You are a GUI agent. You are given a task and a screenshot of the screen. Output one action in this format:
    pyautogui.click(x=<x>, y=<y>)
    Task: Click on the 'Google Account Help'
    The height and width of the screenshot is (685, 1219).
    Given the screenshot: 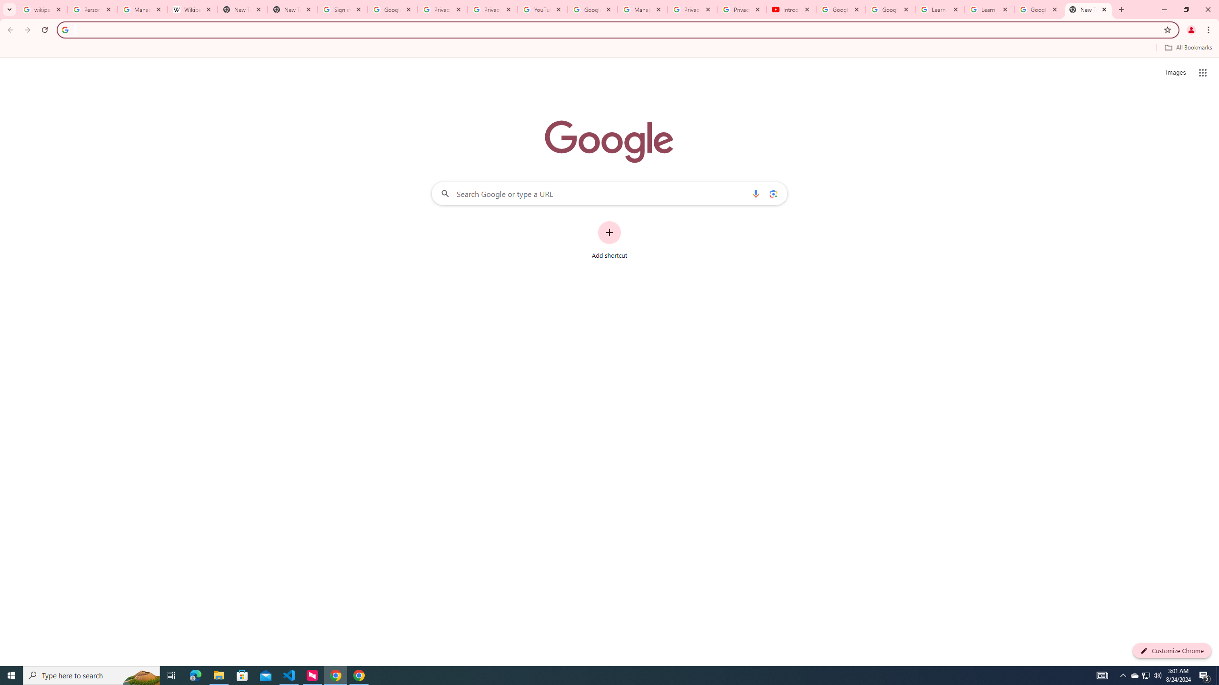 What is the action you would take?
    pyautogui.click(x=890, y=9)
    